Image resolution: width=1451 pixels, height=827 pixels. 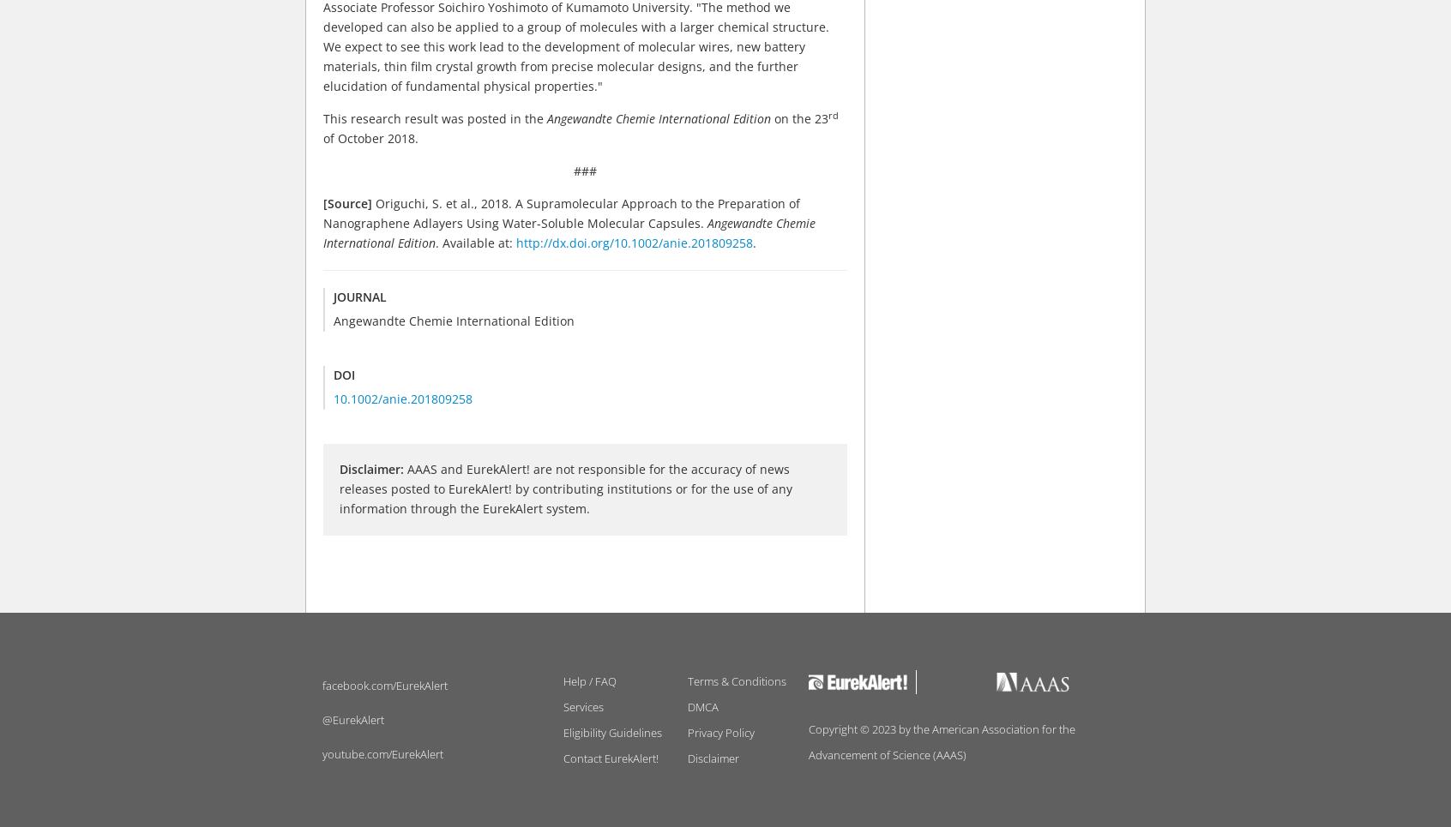 What do you see at coordinates (353, 719) in the screenshot?
I see `'@EurekAlert'` at bounding box center [353, 719].